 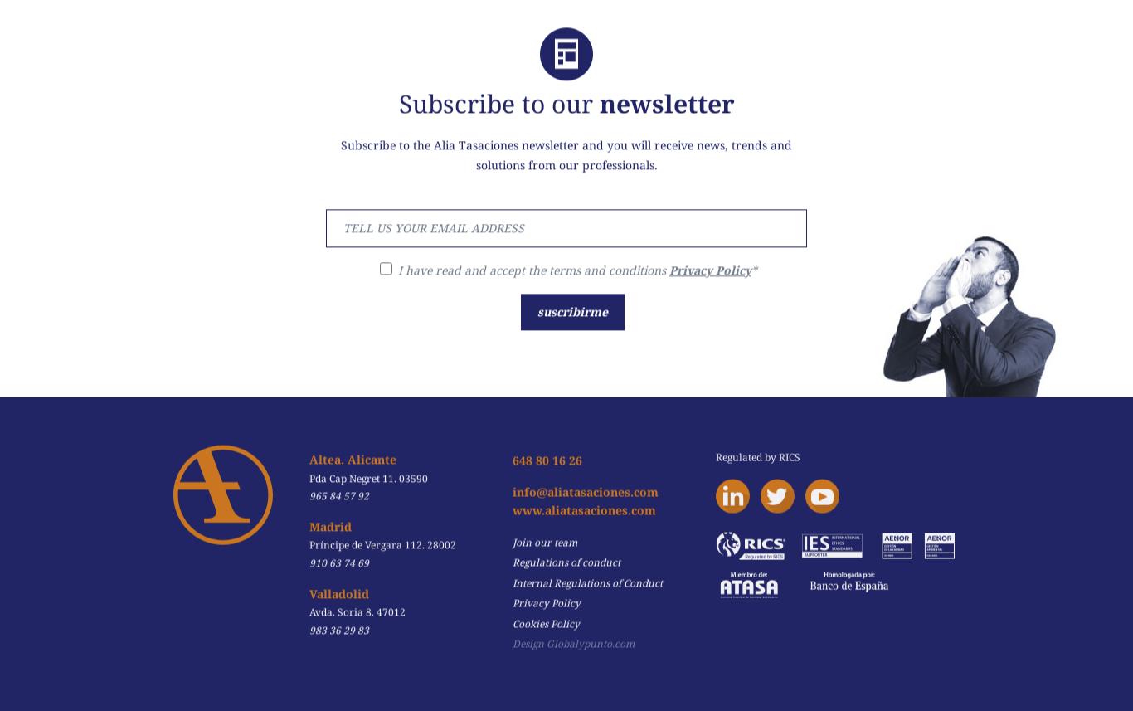 I want to click on 'Valladolid', so click(x=307, y=580).